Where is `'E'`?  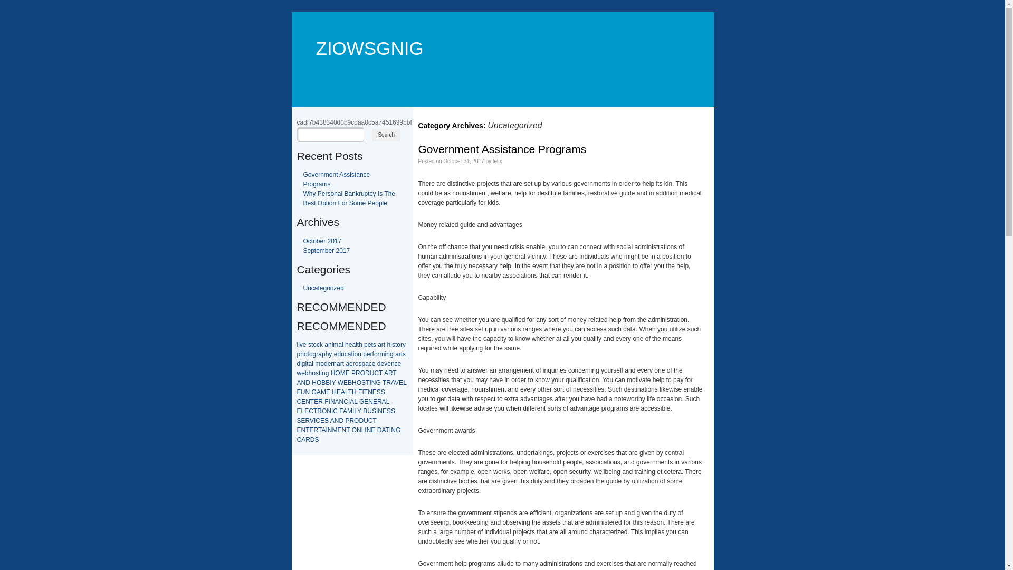
'E' is located at coordinates (311, 430).